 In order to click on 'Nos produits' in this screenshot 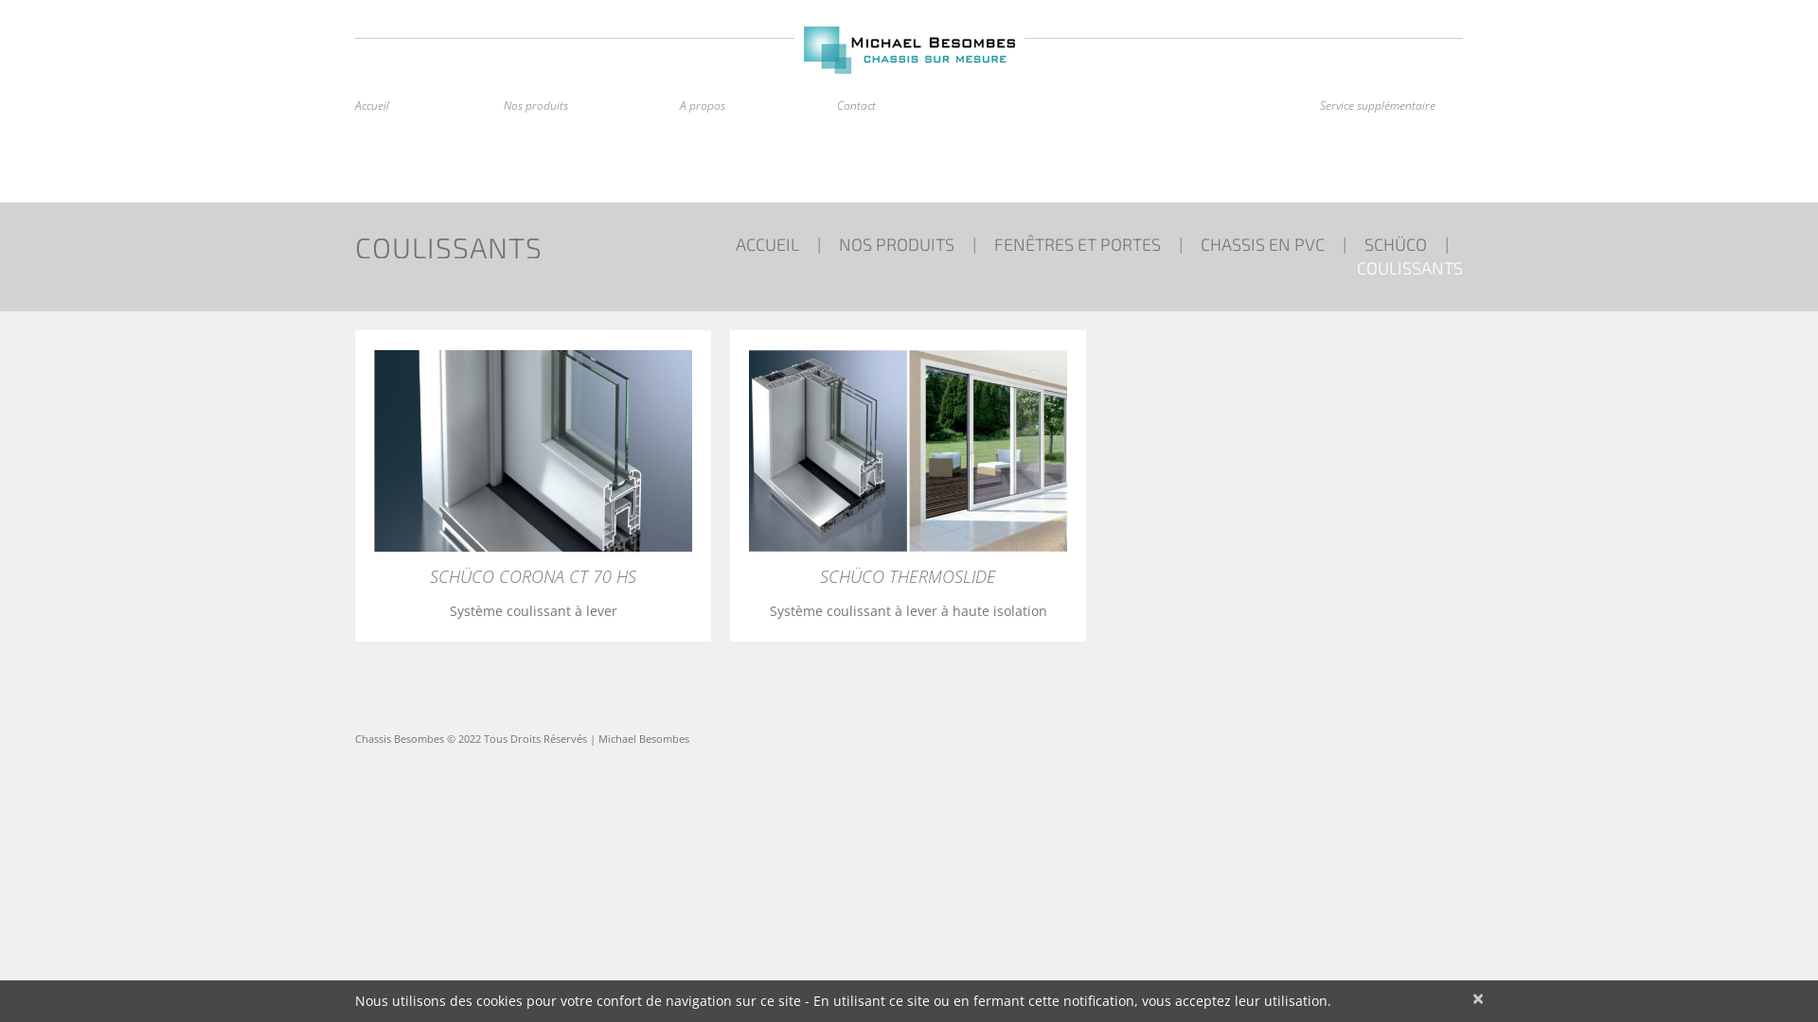, I will do `click(535, 105)`.